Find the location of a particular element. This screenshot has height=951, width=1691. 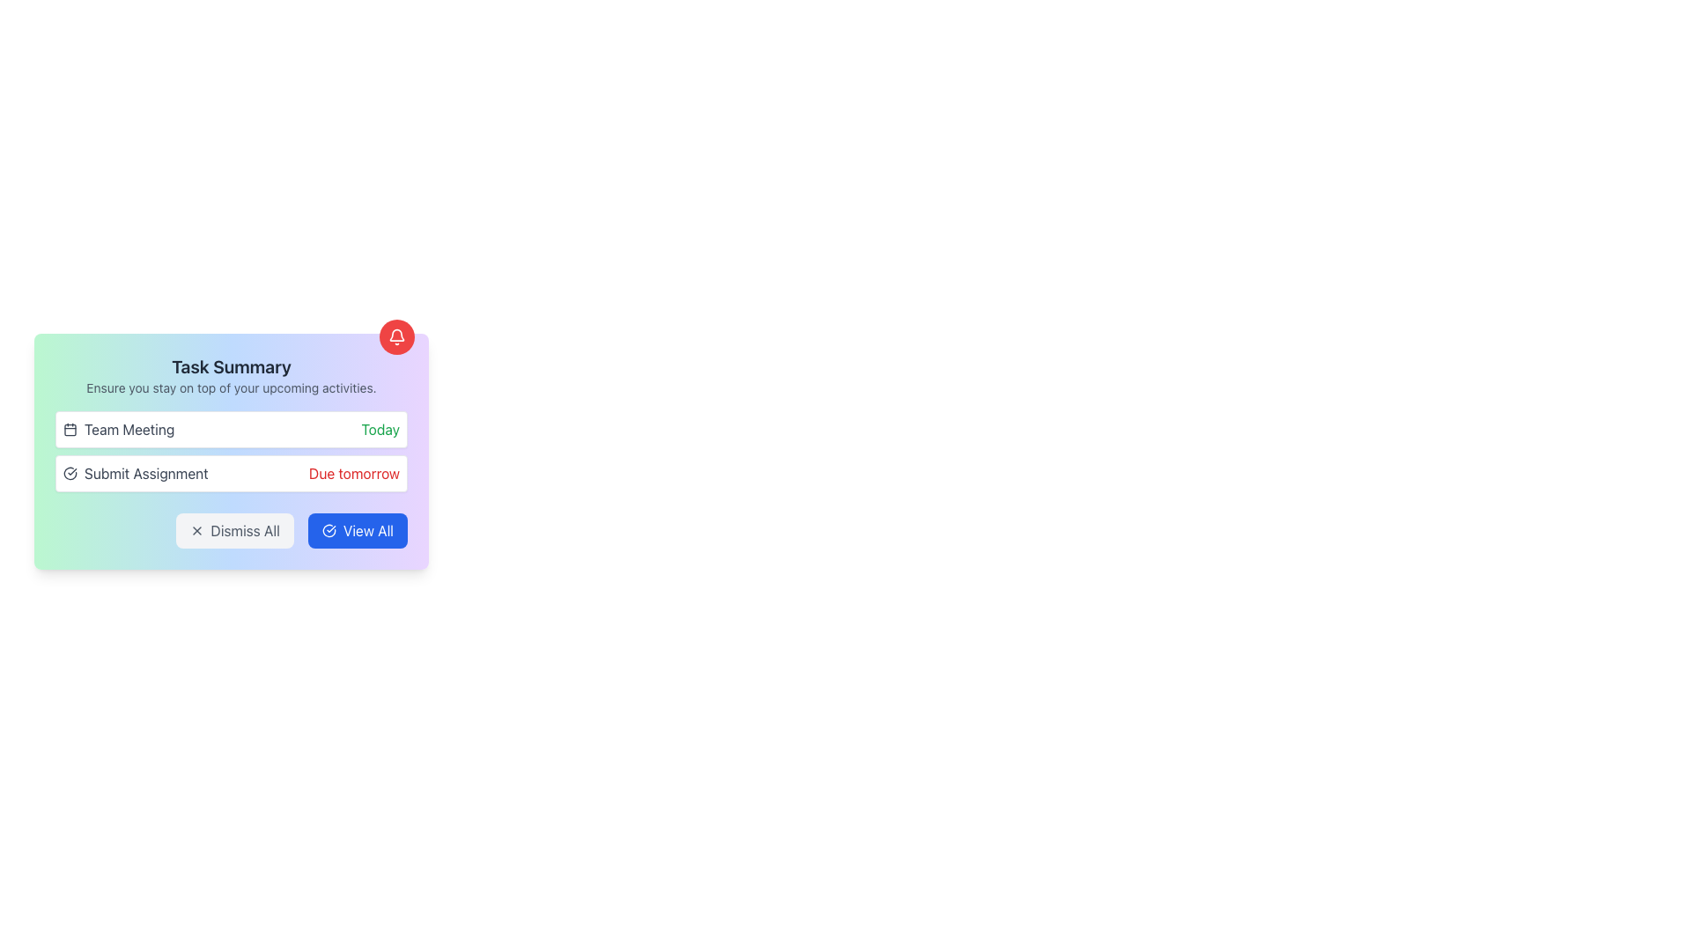

the 'Submit Assignment' static text element with a checkmark icon, which is the second item in the 'Task Summary' card, located below 'Team Meeting' is located at coordinates (135, 472).